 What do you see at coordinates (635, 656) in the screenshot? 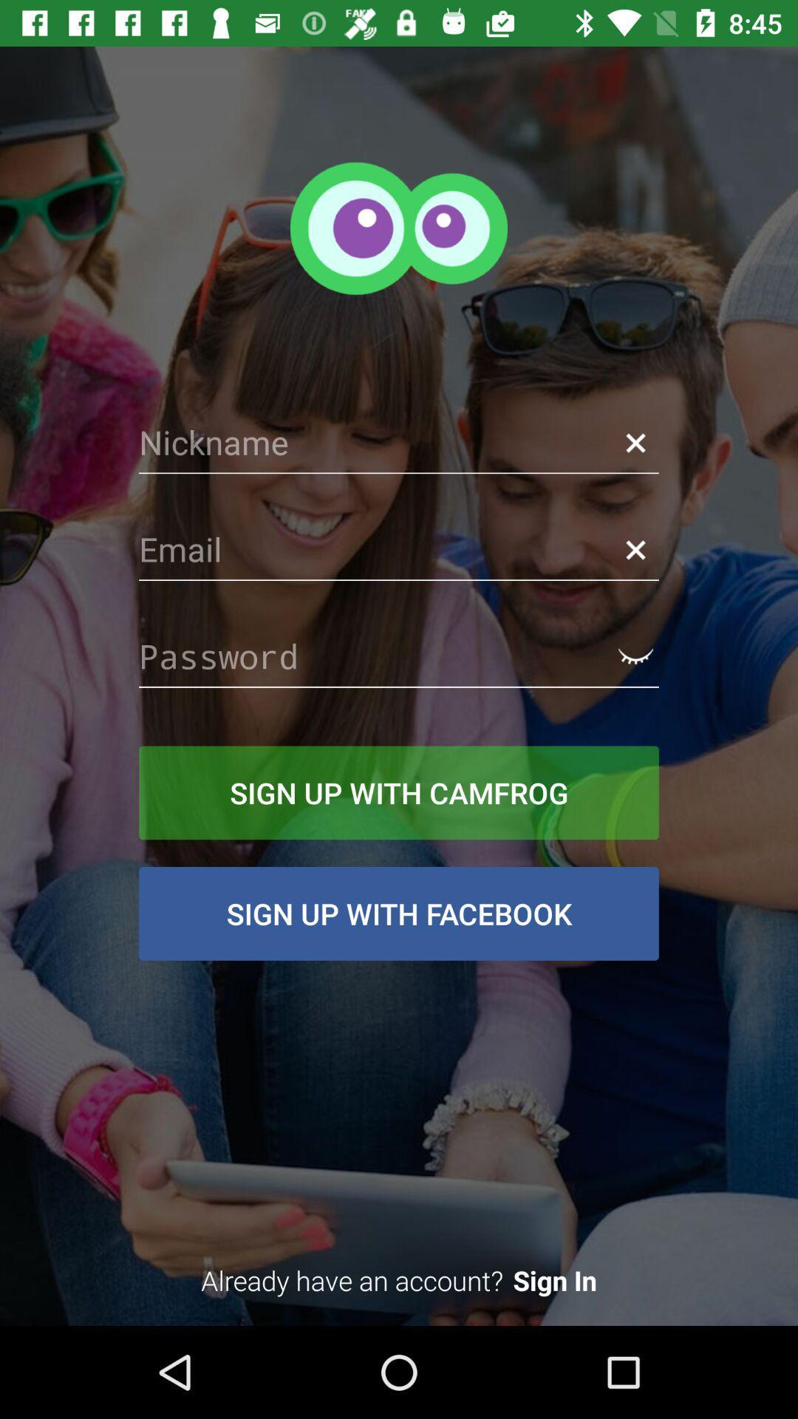
I see `show password` at bounding box center [635, 656].